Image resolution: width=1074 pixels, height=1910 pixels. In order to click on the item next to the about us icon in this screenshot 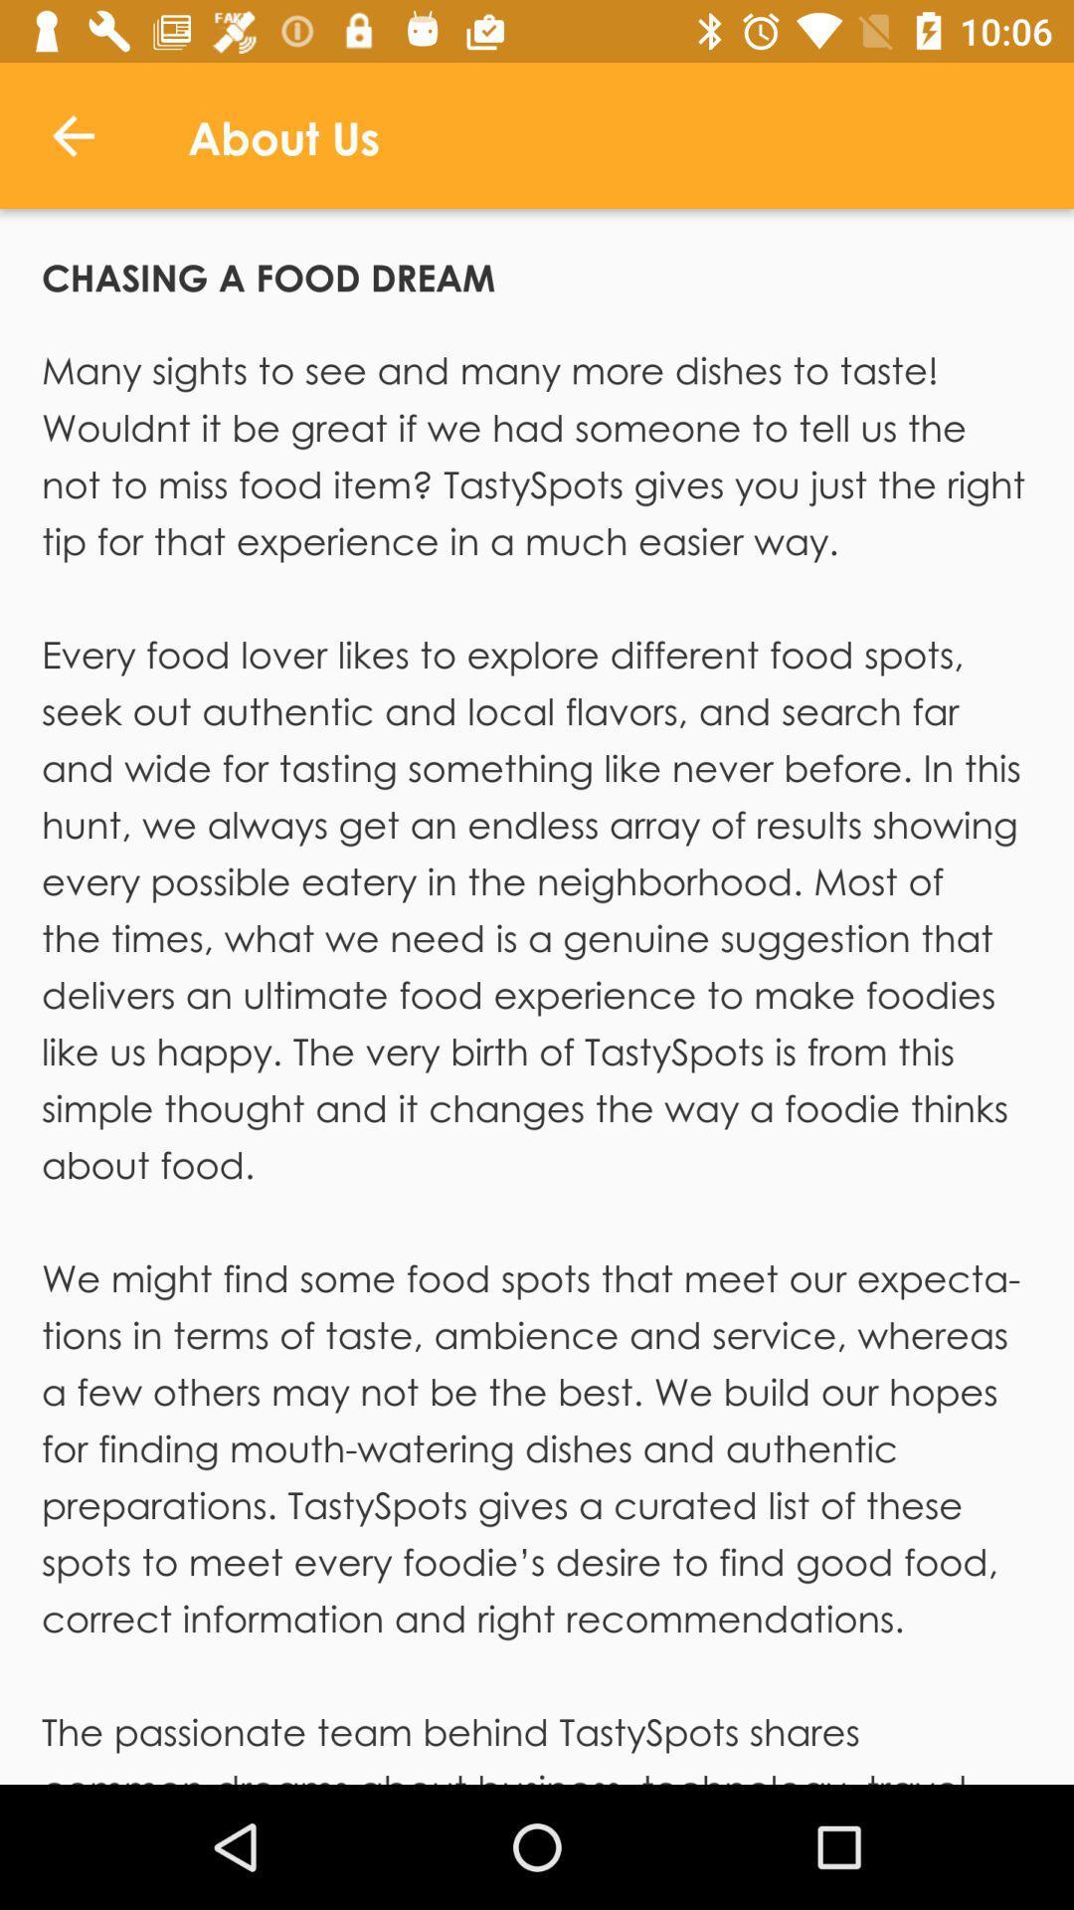, I will do `click(72, 134)`.